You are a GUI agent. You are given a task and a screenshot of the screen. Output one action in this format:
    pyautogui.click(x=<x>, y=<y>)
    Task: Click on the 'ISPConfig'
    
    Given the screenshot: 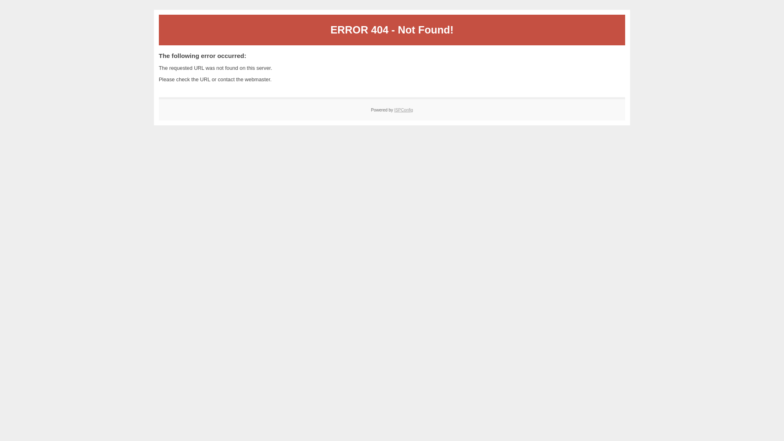 What is the action you would take?
    pyautogui.click(x=394, y=109)
    